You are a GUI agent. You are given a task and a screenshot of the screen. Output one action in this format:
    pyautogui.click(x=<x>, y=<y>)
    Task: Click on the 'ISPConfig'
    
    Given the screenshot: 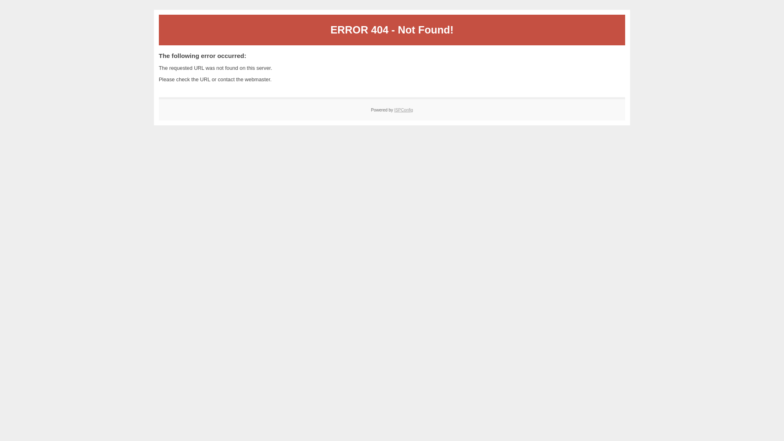 What is the action you would take?
    pyautogui.click(x=394, y=109)
    